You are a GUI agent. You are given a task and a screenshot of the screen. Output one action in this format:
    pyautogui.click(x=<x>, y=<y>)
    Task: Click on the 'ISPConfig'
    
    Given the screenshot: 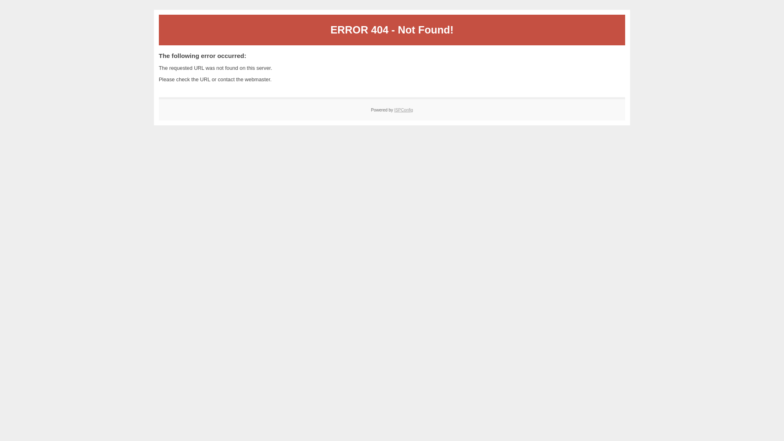 What is the action you would take?
    pyautogui.click(x=394, y=109)
    